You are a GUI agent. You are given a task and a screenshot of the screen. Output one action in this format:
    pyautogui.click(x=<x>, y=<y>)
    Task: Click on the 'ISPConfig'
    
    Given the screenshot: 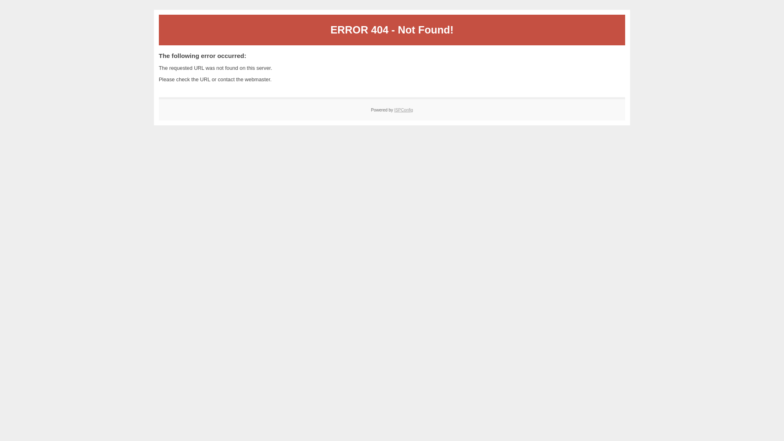 What is the action you would take?
    pyautogui.click(x=394, y=109)
    